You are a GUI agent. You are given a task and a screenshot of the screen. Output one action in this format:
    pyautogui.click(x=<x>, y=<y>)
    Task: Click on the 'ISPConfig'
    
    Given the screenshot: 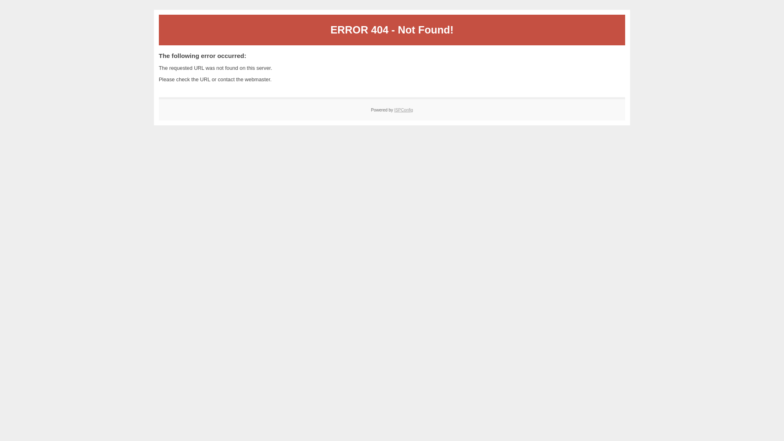 What is the action you would take?
    pyautogui.click(x=394, y=109)
    